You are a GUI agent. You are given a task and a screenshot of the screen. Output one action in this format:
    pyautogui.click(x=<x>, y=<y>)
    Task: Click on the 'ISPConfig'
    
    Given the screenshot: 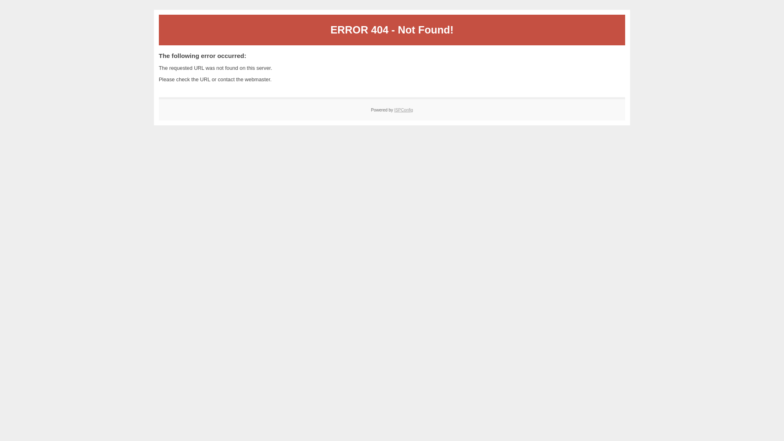 What is the action you would take?
    pyautogui.click(x=394, y=109)
    